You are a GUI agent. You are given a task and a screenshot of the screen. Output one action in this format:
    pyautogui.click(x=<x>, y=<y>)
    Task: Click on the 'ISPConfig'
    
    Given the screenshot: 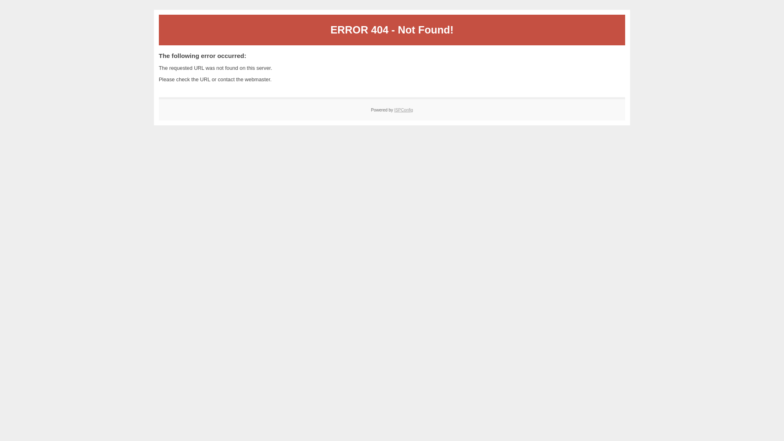 What is the action you would take?
    pyautogui.click(x=394, y=109)
    